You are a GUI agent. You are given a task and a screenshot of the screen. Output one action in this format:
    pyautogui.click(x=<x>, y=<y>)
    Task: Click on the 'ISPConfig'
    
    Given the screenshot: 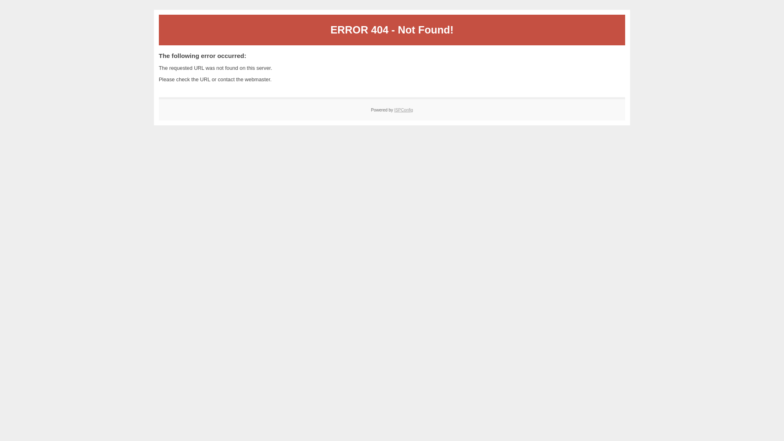 What is the action you would take?
    pyautogui.click(x=394, y=109)
    